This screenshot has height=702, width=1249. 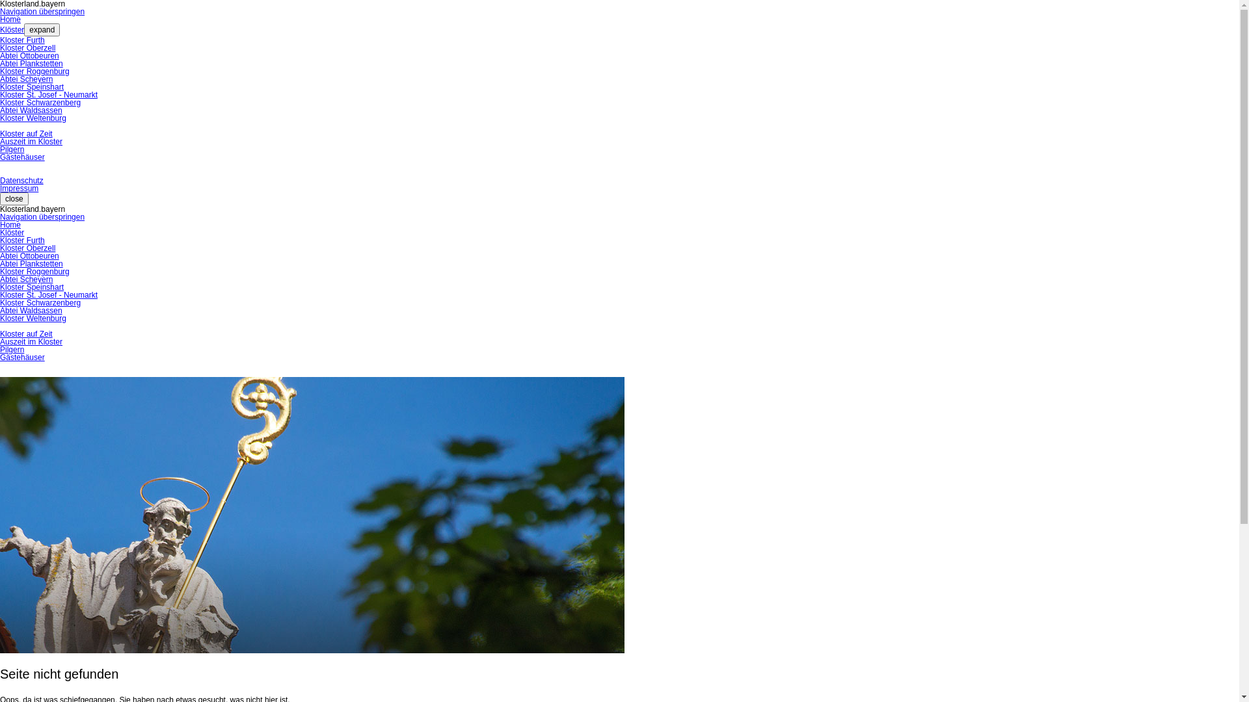 I want to click on 'Kloster Speinshart', so click(x=31, y=287).